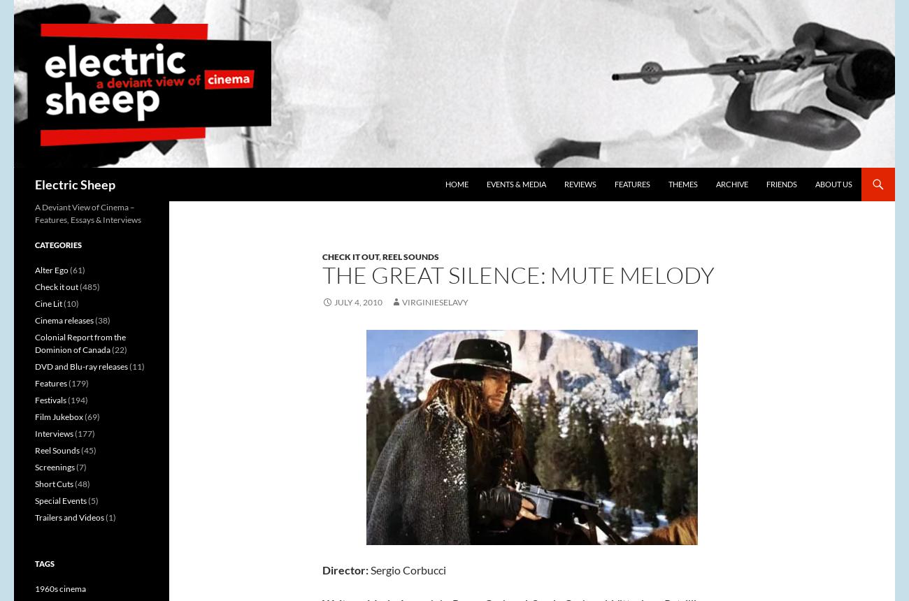 The width and height of the screenshot is (909, 601). I want to click on 'Themes', so click(668, 184).